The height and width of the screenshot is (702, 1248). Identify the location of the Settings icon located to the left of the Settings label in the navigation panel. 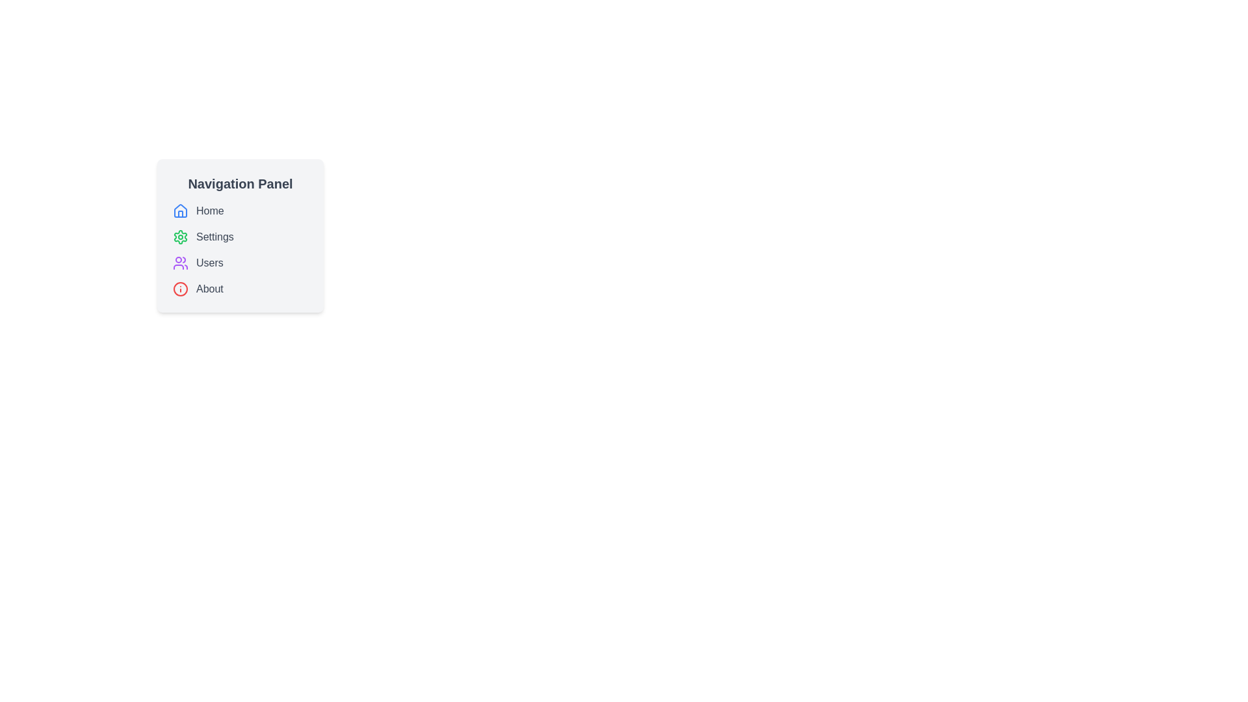
(180, 237).